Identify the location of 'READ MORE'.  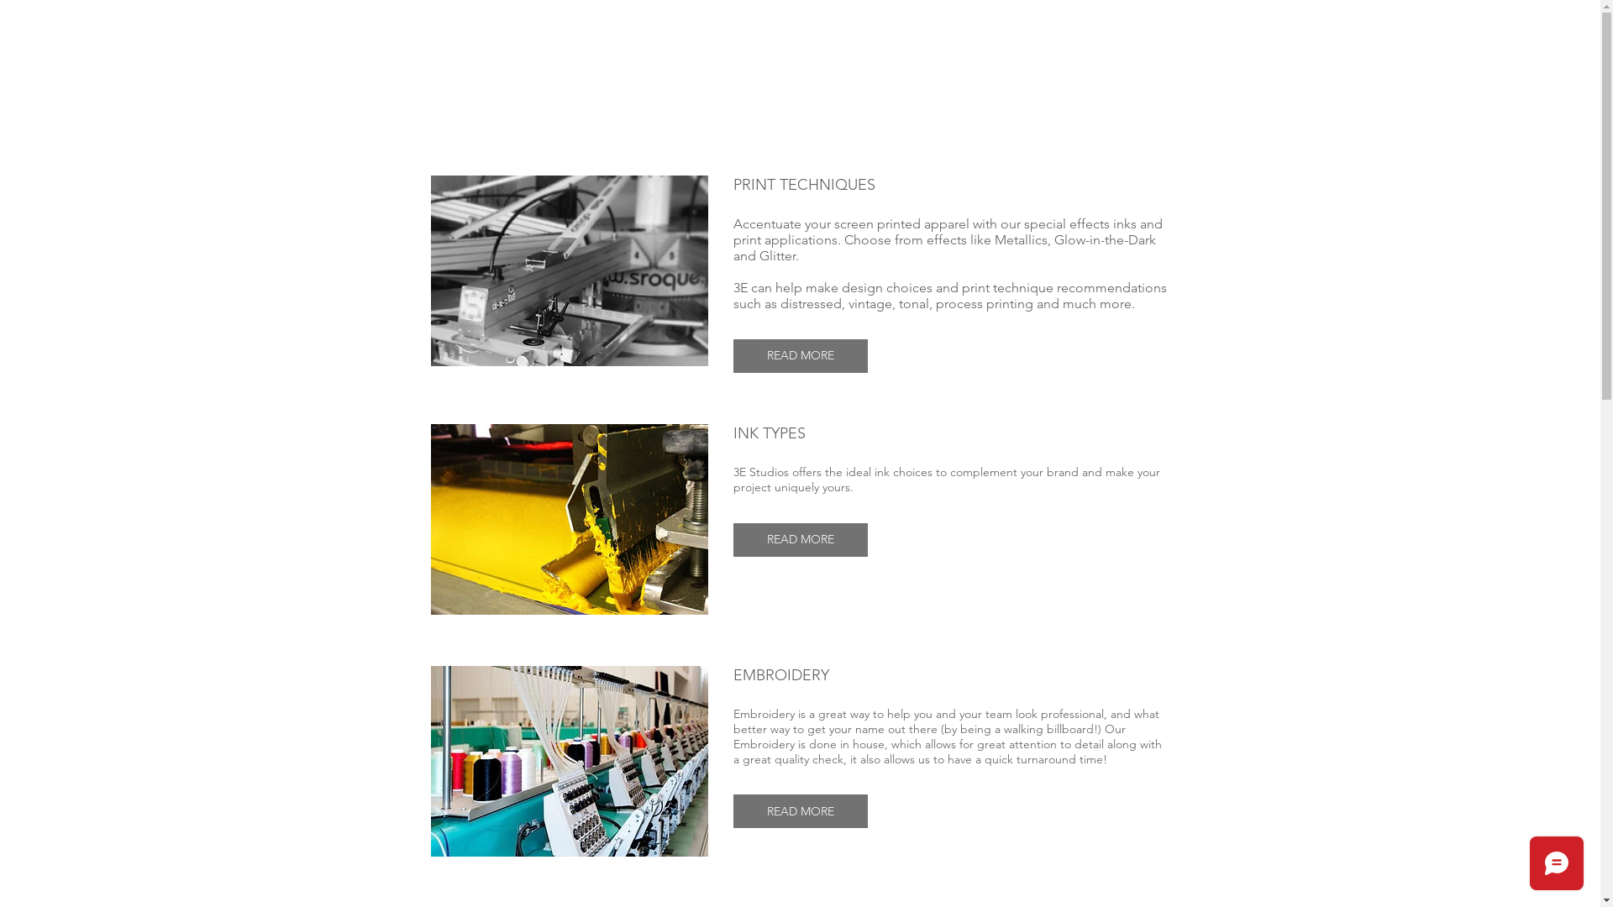
(798, 540).